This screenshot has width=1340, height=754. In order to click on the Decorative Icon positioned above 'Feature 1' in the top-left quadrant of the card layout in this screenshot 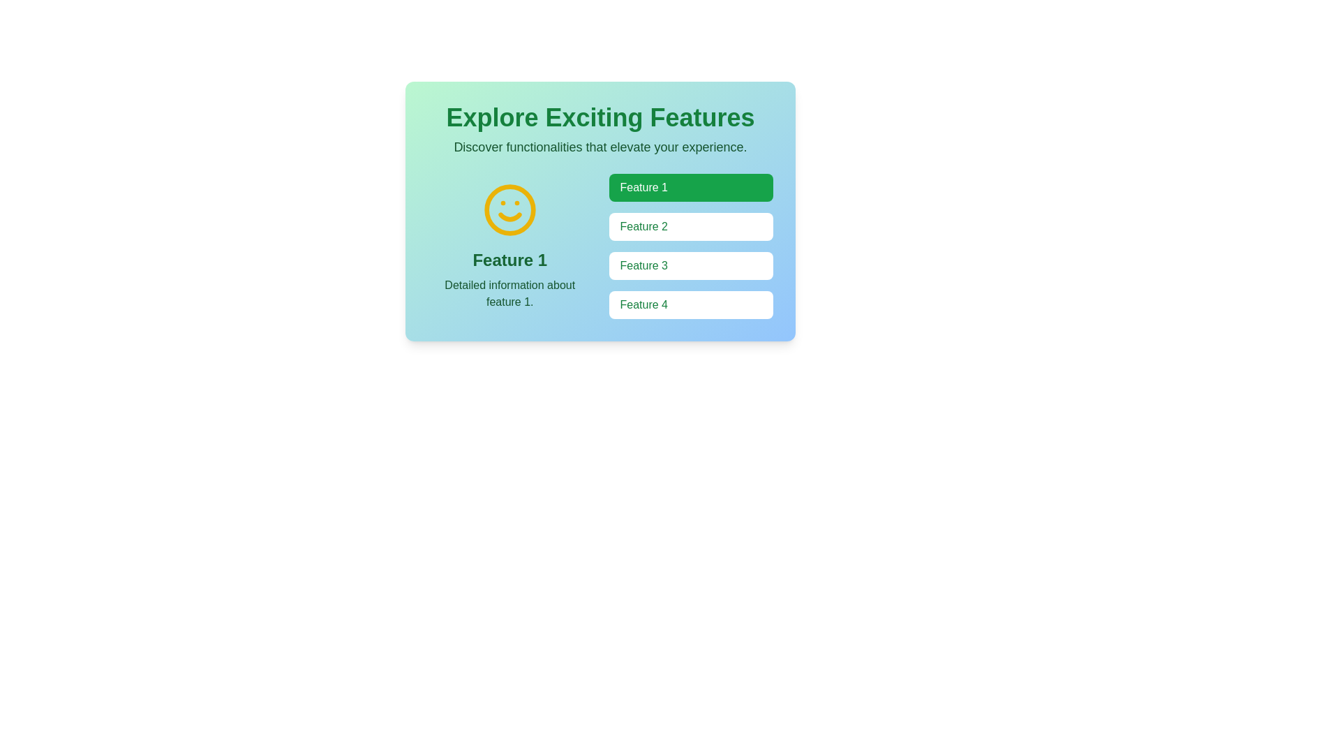, I will do `click(509, 209)`.